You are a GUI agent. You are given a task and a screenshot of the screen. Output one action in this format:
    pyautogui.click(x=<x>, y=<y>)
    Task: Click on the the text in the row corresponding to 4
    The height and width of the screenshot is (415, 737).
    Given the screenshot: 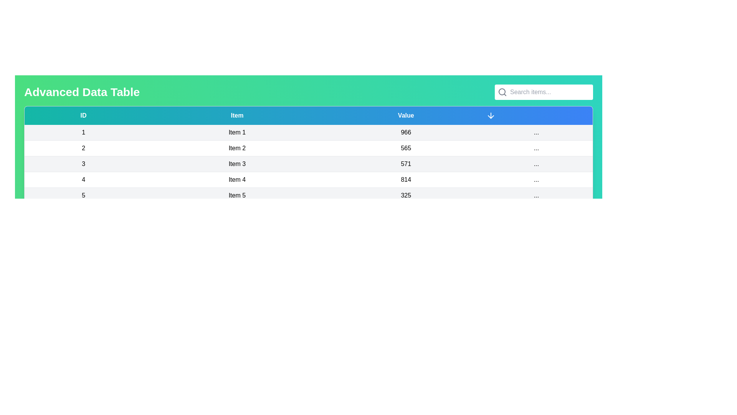 What is the action you would take?
    pyautogui.click(x=83, y=179)
    